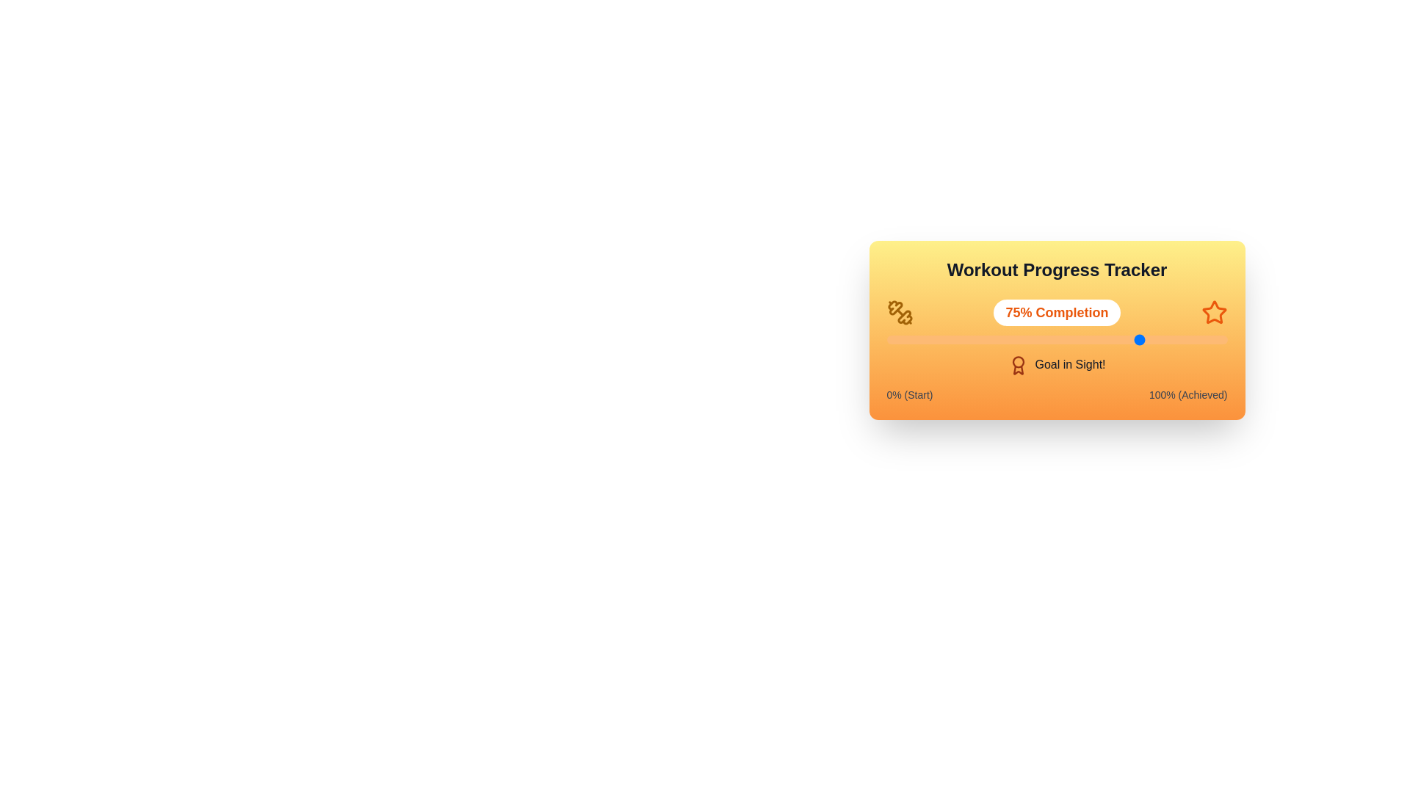 Image resolution: width=1410 pixels, height=793 pixels. Describe the element at coordinates (1094, 339) in the screenshot. I see `the progress slider to 61%` at that location.